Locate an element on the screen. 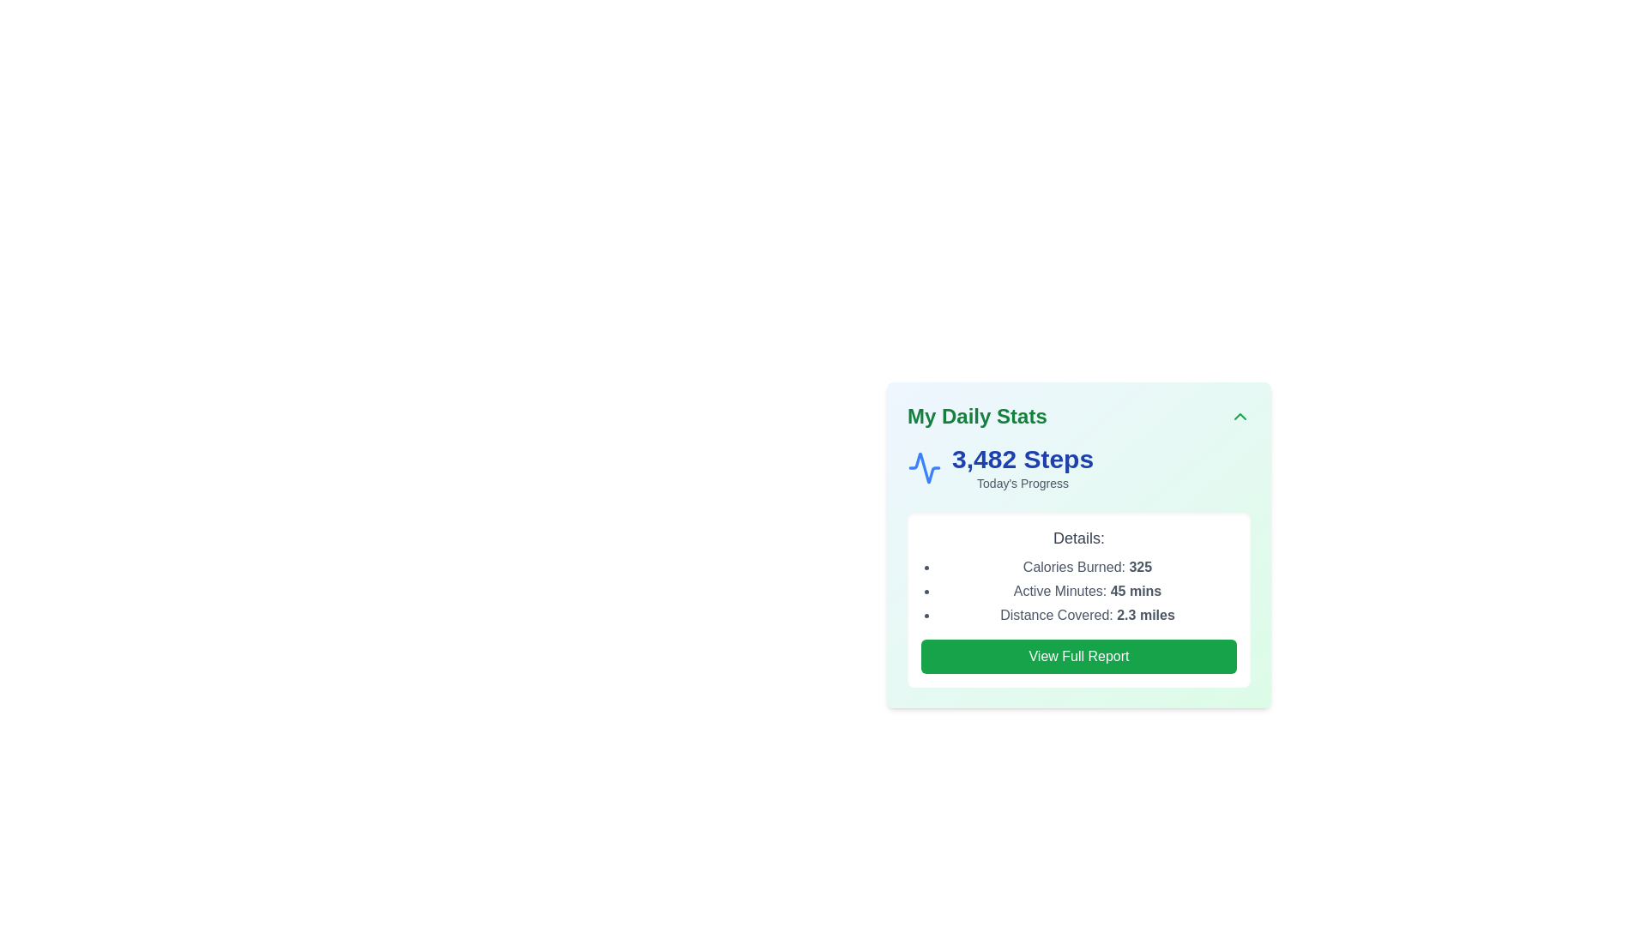 The image size is (1647, 926). the text label displaying '2.3 miles' in bold, which is part of the summary line under 'My Daily Stats' is located at coordinates (1145, 614).